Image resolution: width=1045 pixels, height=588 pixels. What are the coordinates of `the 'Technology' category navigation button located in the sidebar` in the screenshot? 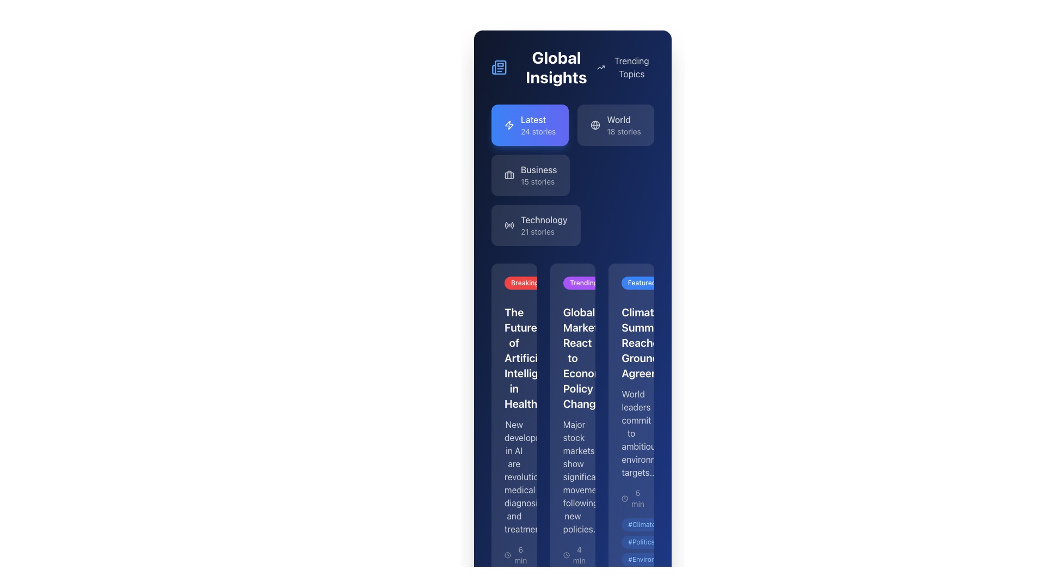 It's located at (544, 224).